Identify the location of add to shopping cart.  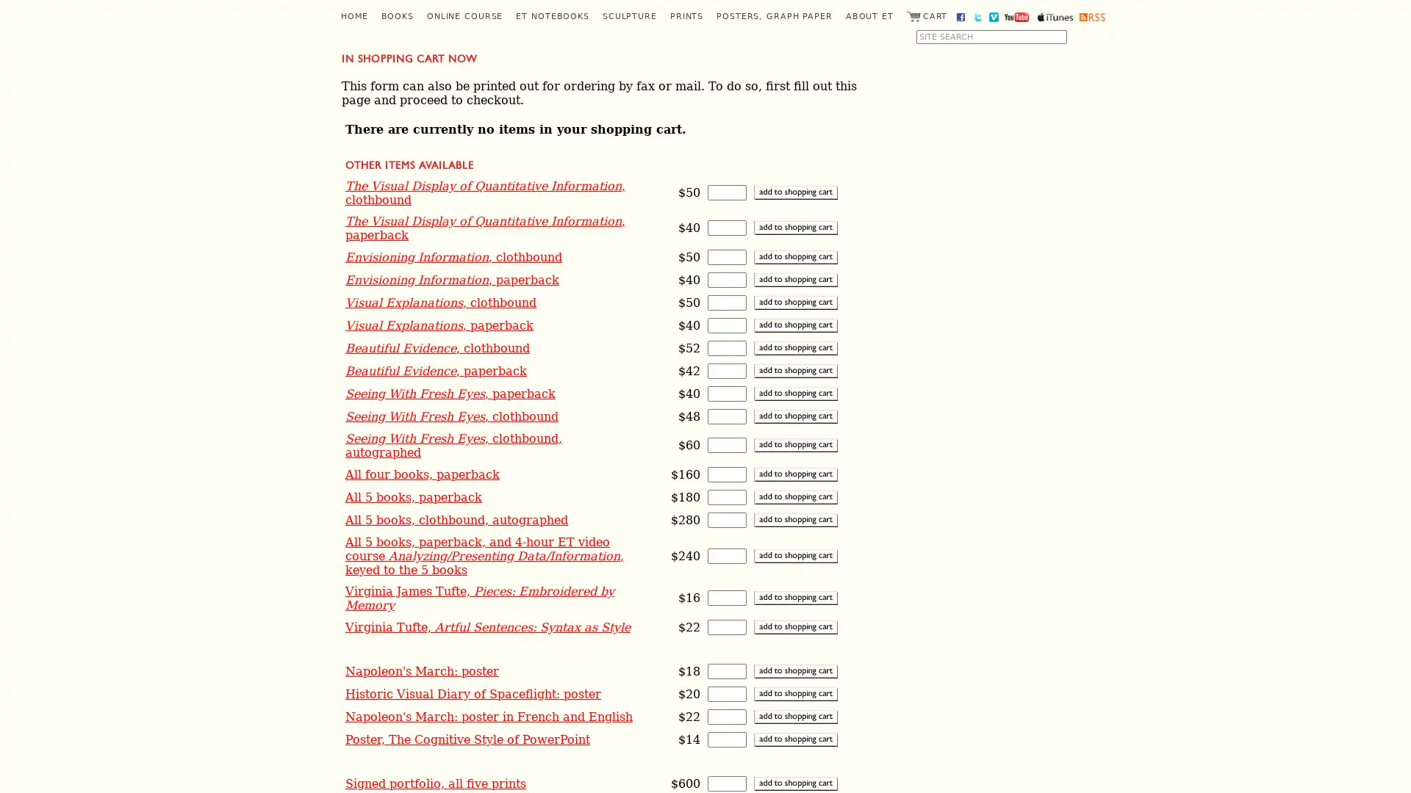
(795, 392).